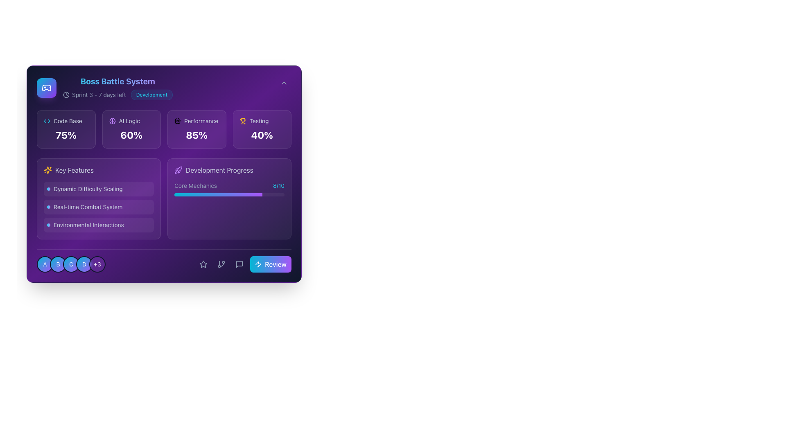 This screenshot has width=786, height=442. What do you see at coordinates (221, 264) in the screenshot?
I see `the icon button resembling a branching structure, located at the bottom right of the card layout, to observe a visual change` at bounding box center [221, 264].